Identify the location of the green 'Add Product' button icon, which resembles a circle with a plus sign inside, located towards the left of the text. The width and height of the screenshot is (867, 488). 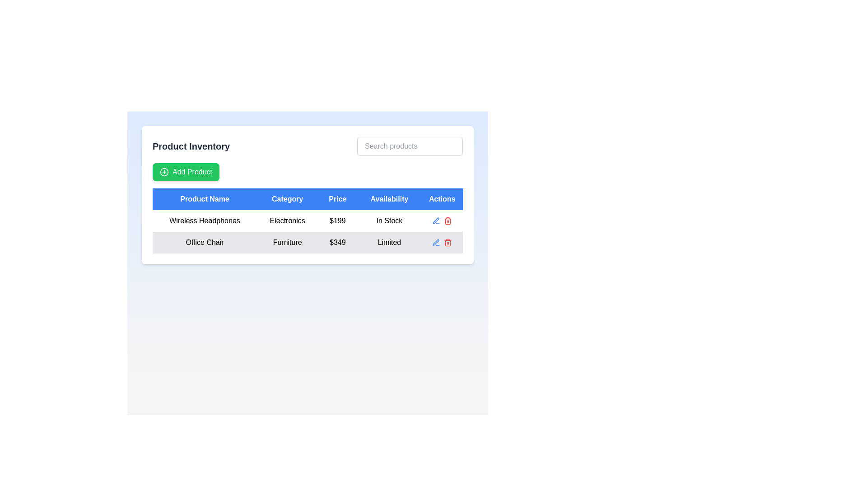
(164, 172).